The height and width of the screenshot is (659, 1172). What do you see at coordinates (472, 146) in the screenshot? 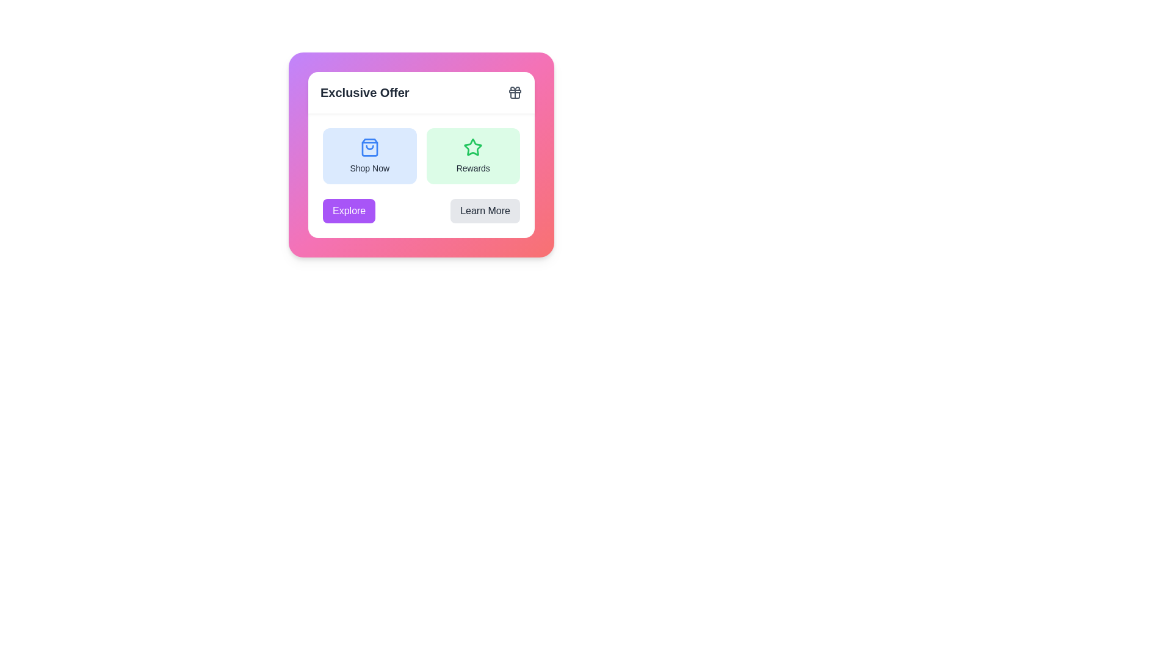
I see `the star icon associated with the 'Rewards' label on the second card in the middle section of the interface` at bounding box center [472, 146].